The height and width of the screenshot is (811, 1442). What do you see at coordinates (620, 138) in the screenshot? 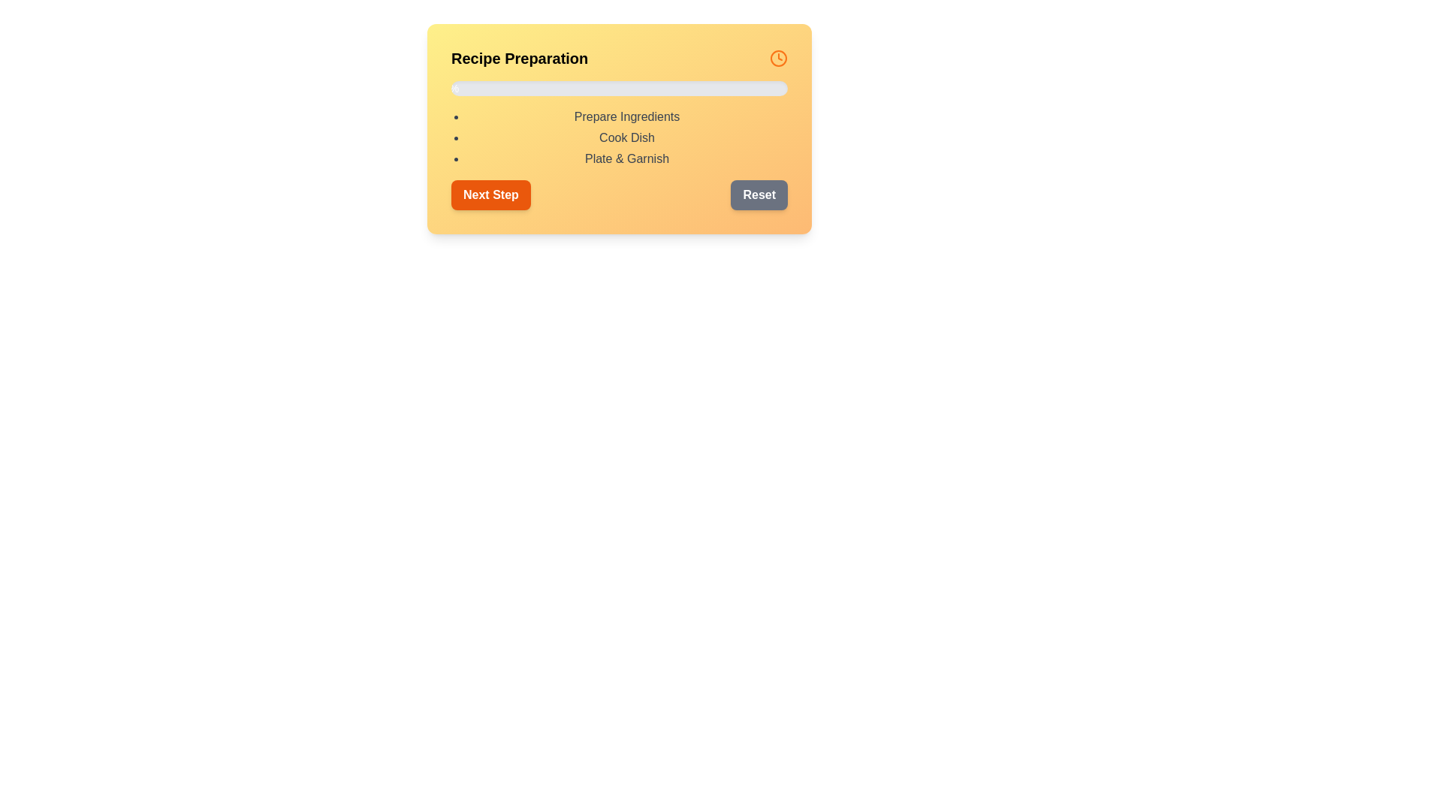
I see `instructions outlined in the bullet list that serves as a progress indicator for the recipe preparation process, located beneath the progress bar and above the 'Next Step' and 'Reset' buttons` at bounding box center [620, 138].